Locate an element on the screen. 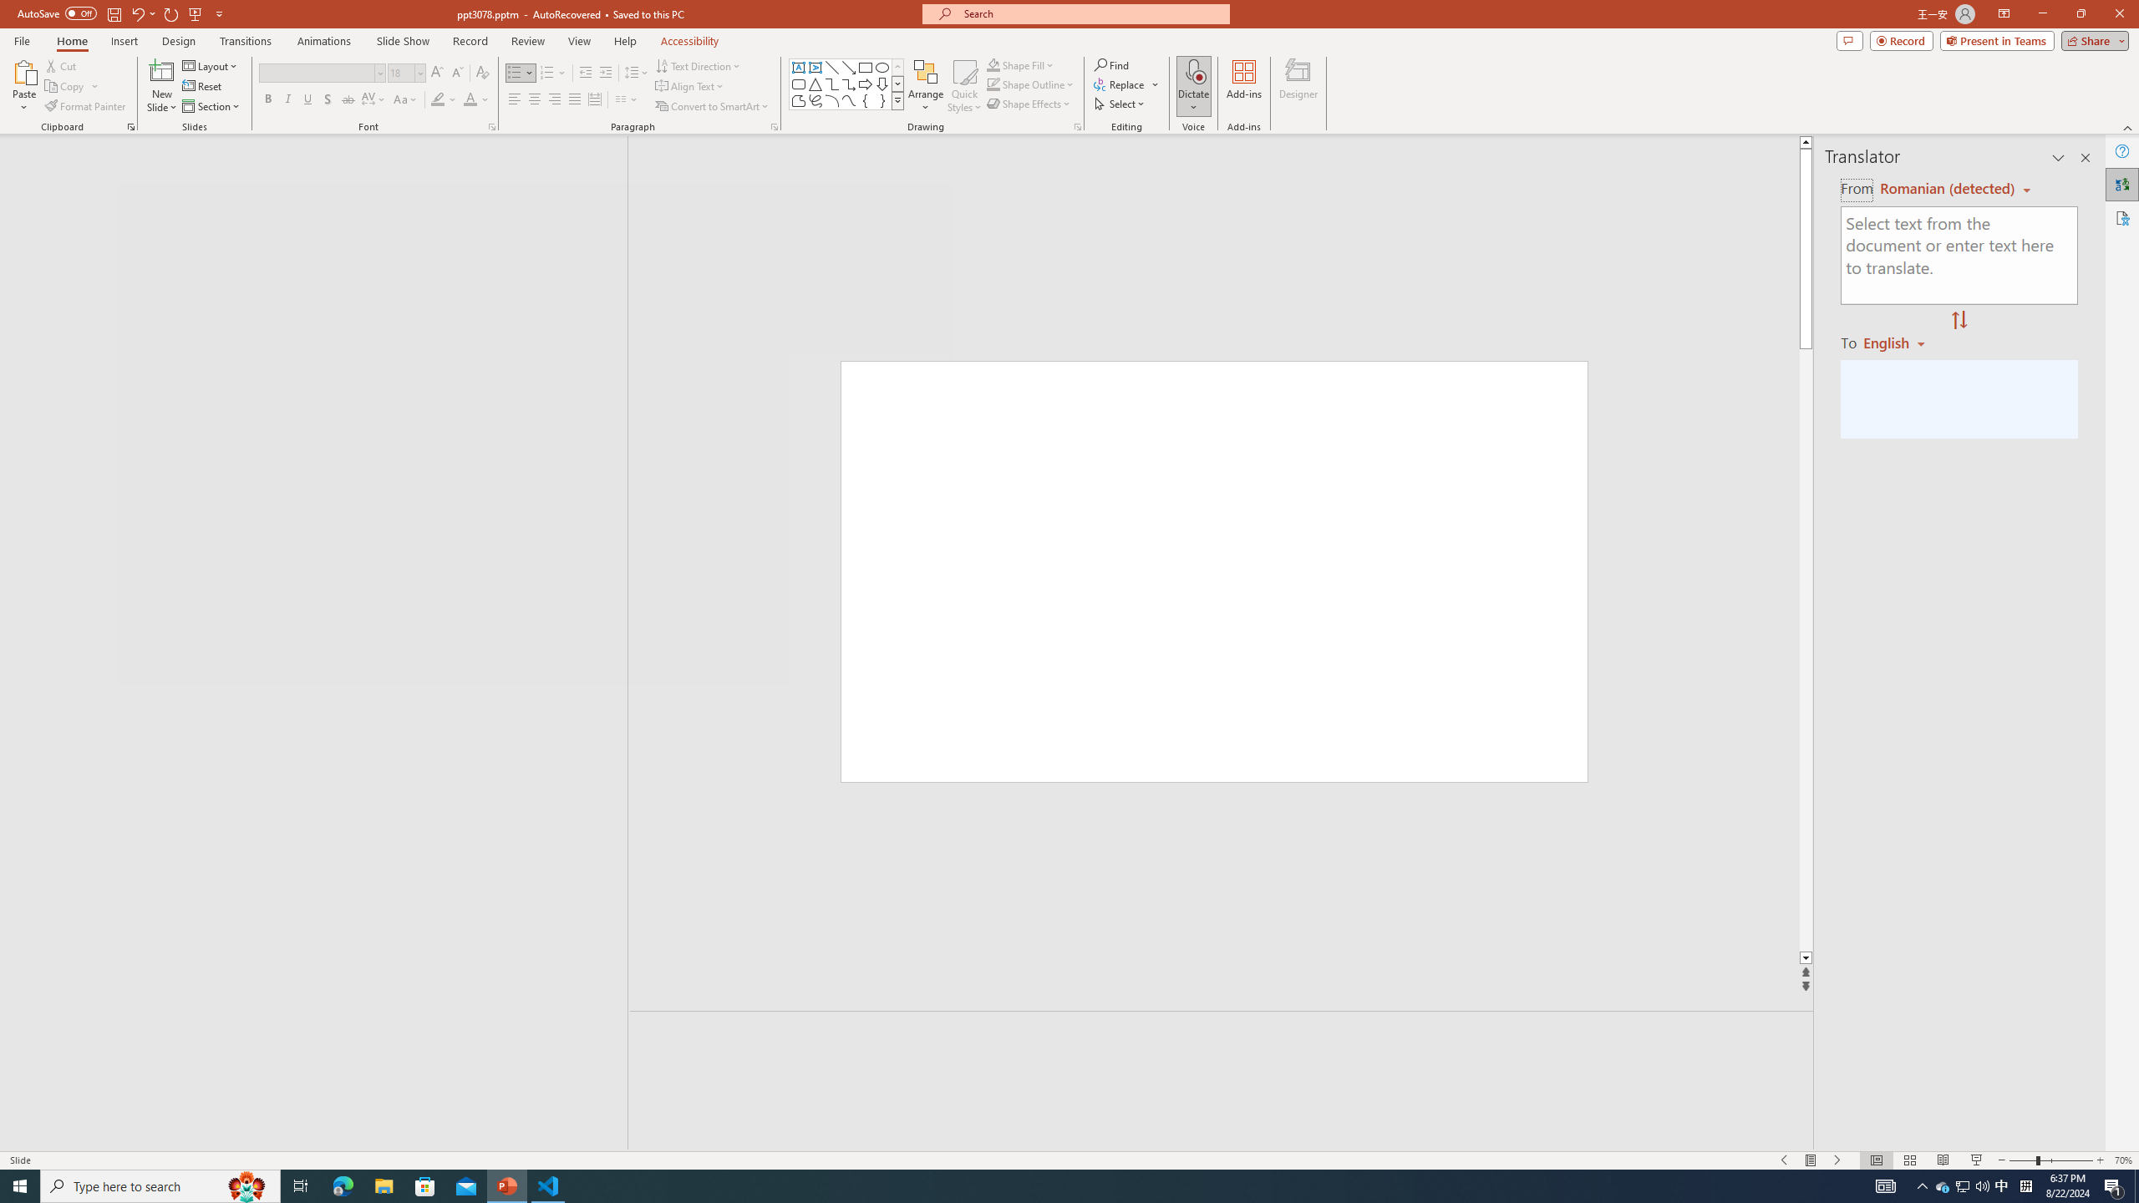 The width and height of the screenshot is (2139, 1203). 'Decrease Font Size' is located at coordinates (456, 73).